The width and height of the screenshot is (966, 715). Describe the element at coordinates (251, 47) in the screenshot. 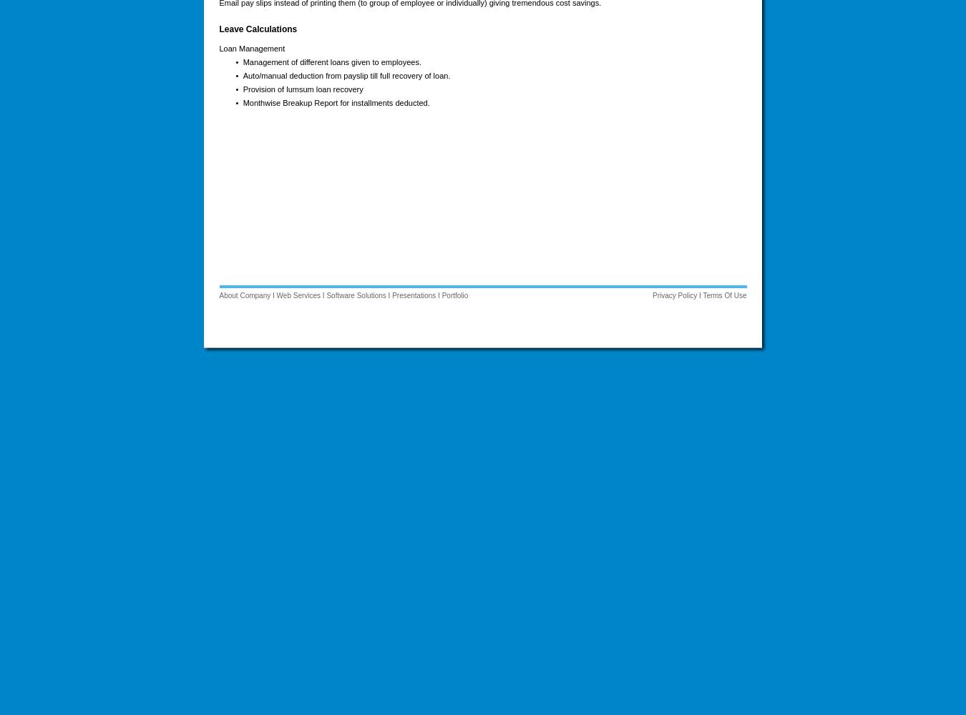

I see `'Loan Management'` at that location.